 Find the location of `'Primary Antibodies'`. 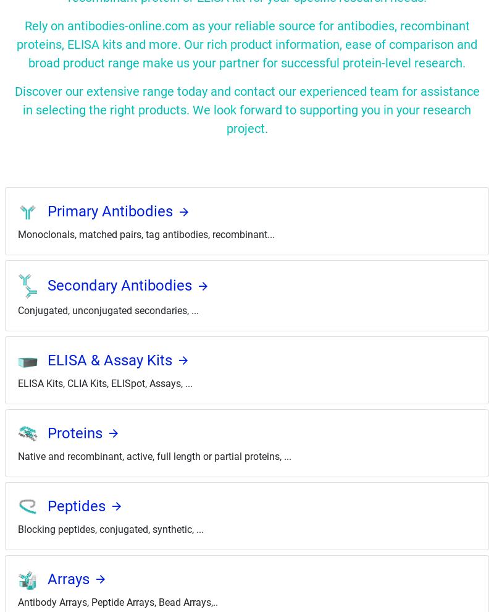

'Primary Antibodies' is located at coordinates (109, 210).